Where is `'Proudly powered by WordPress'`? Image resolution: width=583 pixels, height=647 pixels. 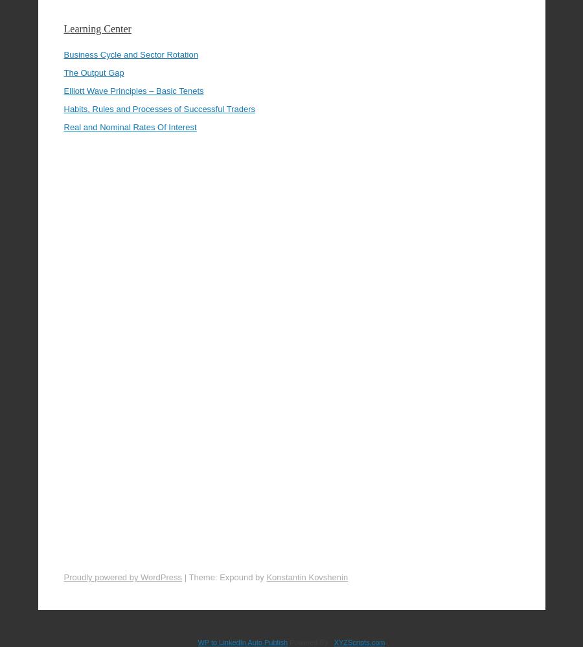
'Proudly powered by WordPress' is located at coordinates (122, 541).